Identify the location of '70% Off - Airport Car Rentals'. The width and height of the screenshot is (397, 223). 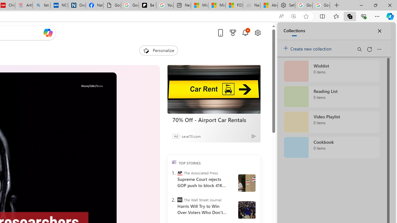
(214, 120).